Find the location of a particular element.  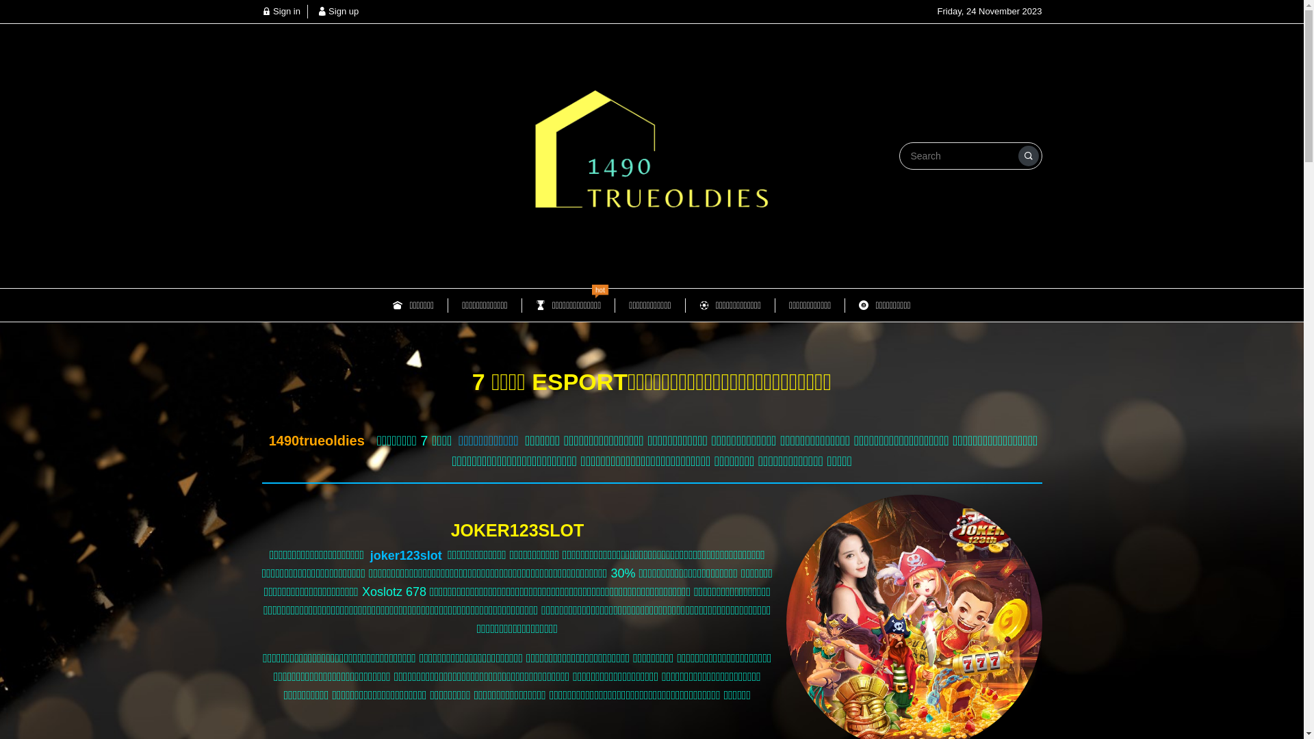

'Sign up' is located at coordinates (317, 11).